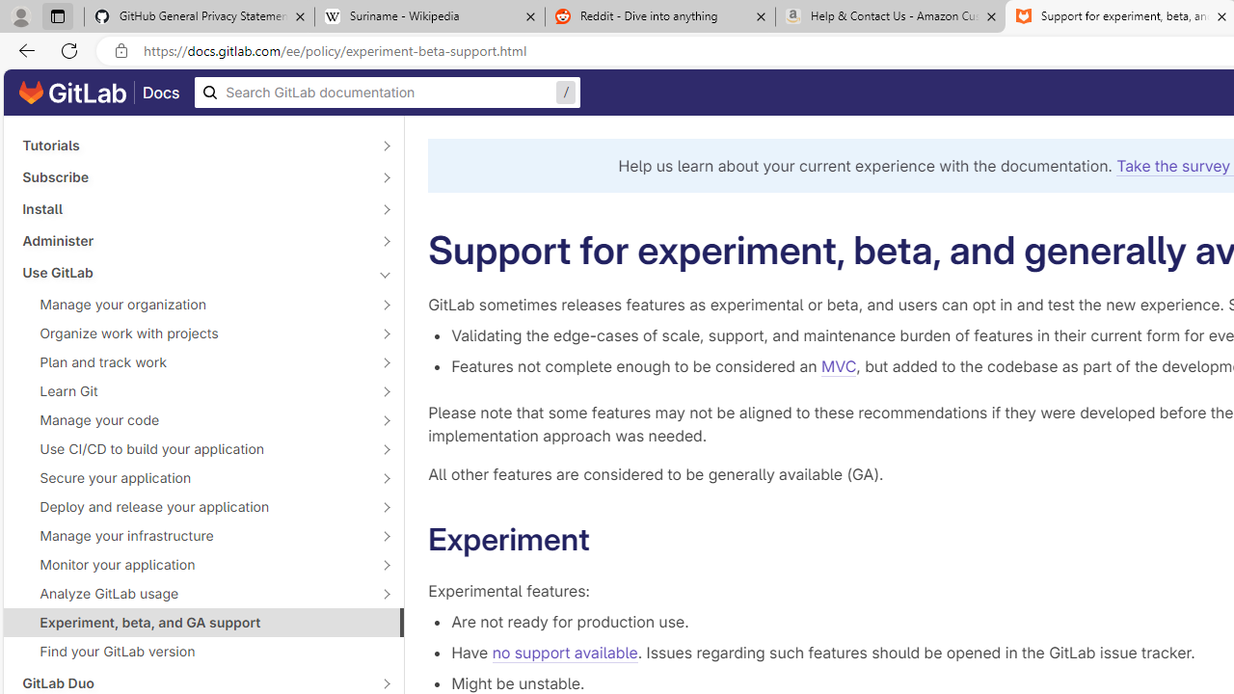 The height and width of the screenshot is (694, 1234). I want to click on 'GitLab documentation home', so click(72, 93).